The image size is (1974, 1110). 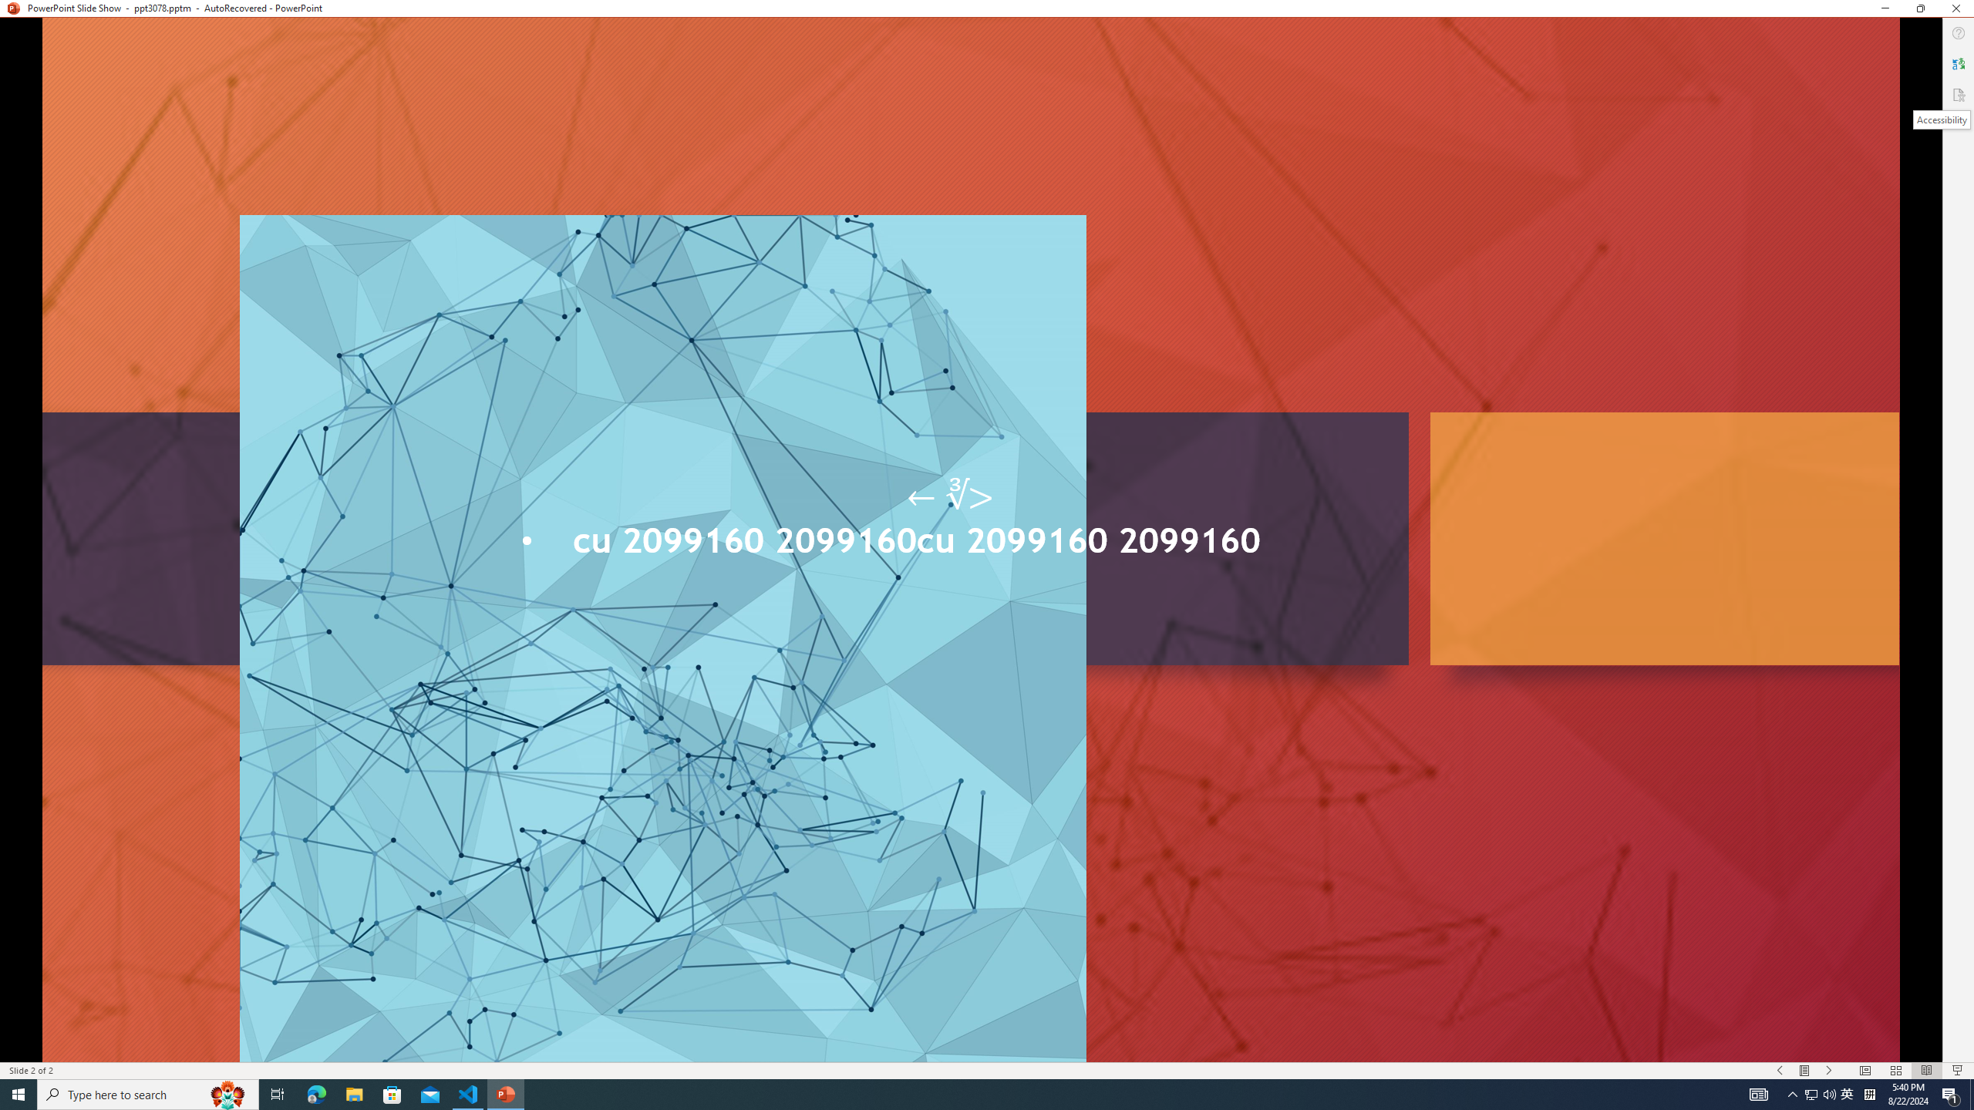 What do you see at coordinates (1804, 1071) in the screenshot?
I see `'Menu On'` at bounding box center [1804, 1071].